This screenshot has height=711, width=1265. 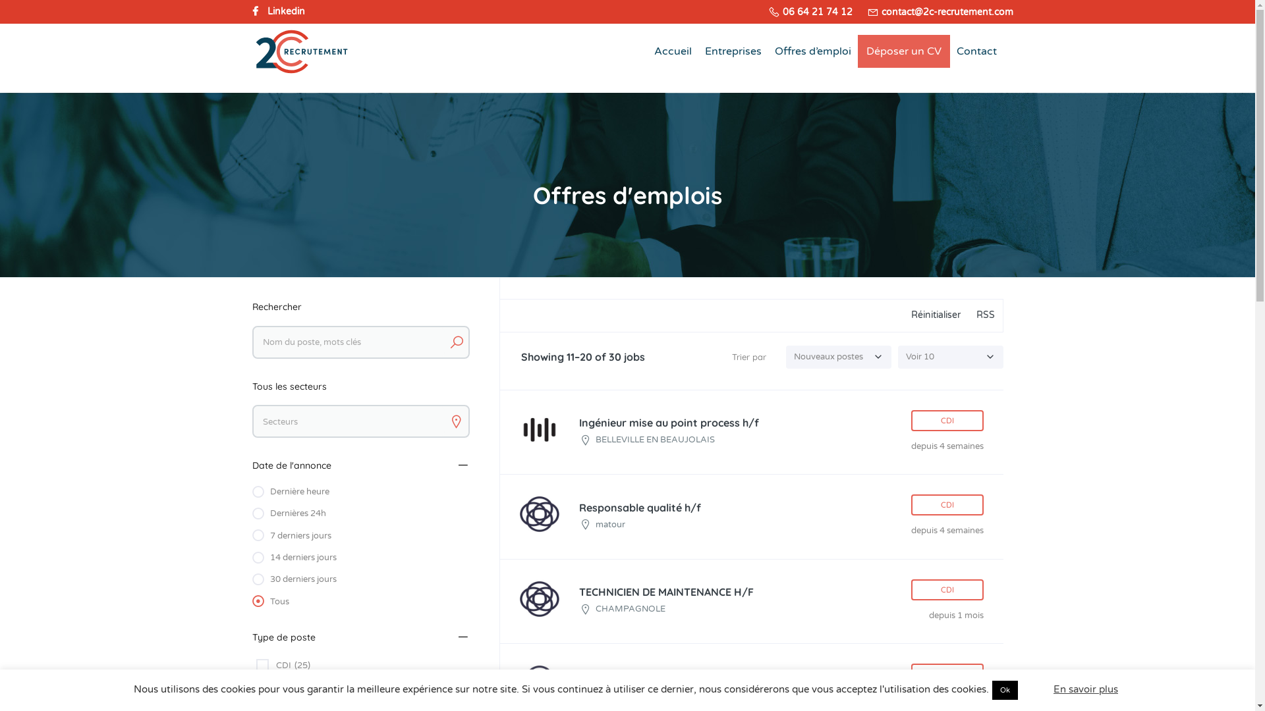 I want to click on 'Entreprises', so click(x=733, y=50).